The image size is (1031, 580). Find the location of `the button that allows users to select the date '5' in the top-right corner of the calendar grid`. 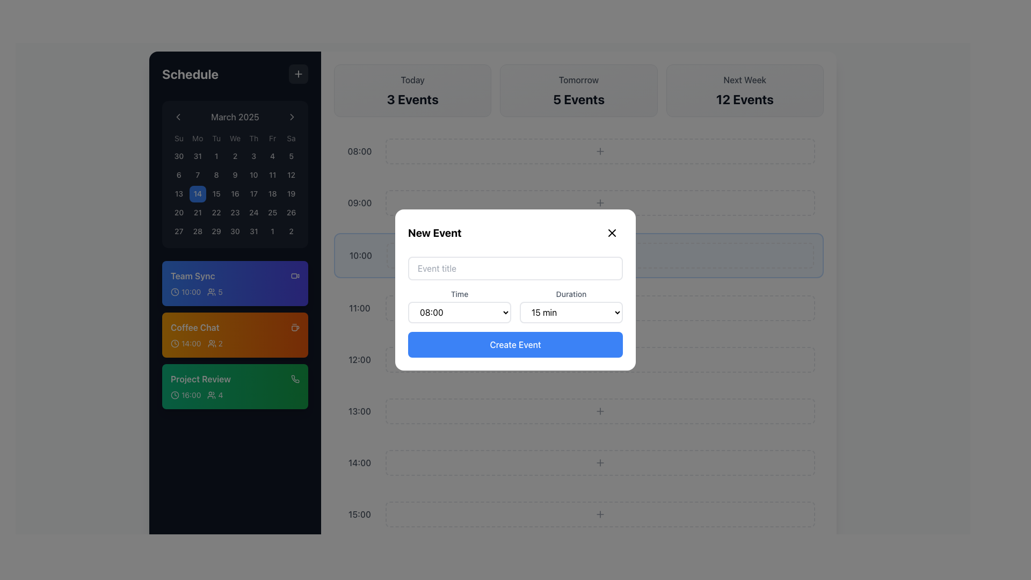

the button that allows users to select the date '5' in the top-right corner of the calendar grid is located at coordinates (291, 156).